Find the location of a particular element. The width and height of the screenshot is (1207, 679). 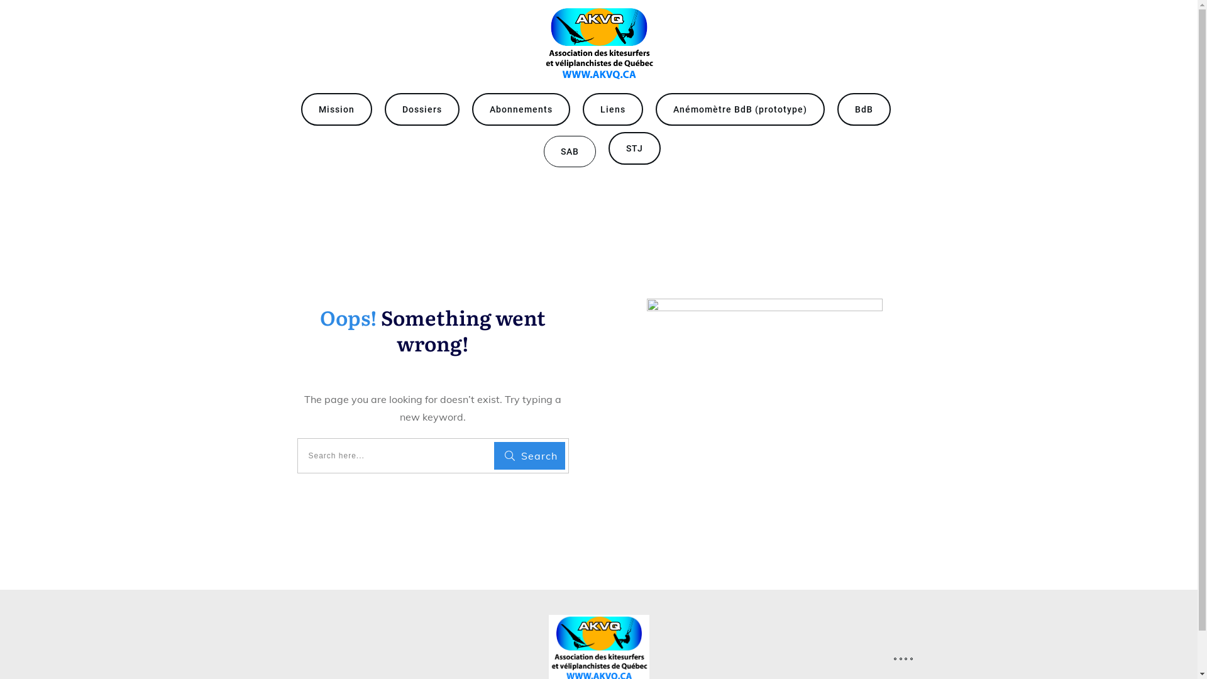

'Search' is located at coordinates (529, 456).